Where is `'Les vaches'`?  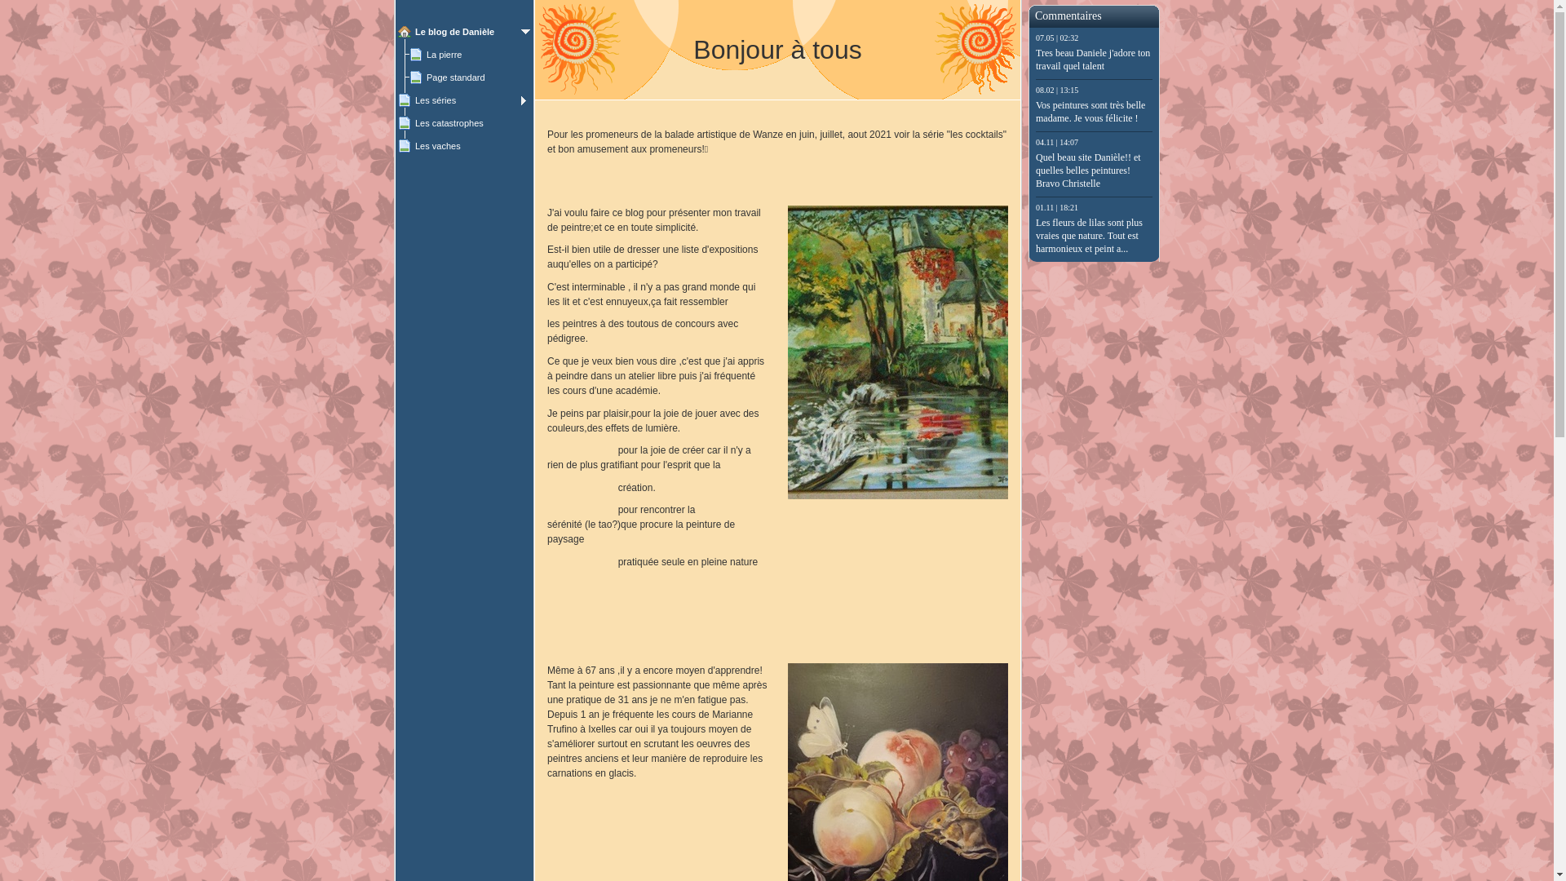 'Les vaches' is located at coordinates (463, 144).